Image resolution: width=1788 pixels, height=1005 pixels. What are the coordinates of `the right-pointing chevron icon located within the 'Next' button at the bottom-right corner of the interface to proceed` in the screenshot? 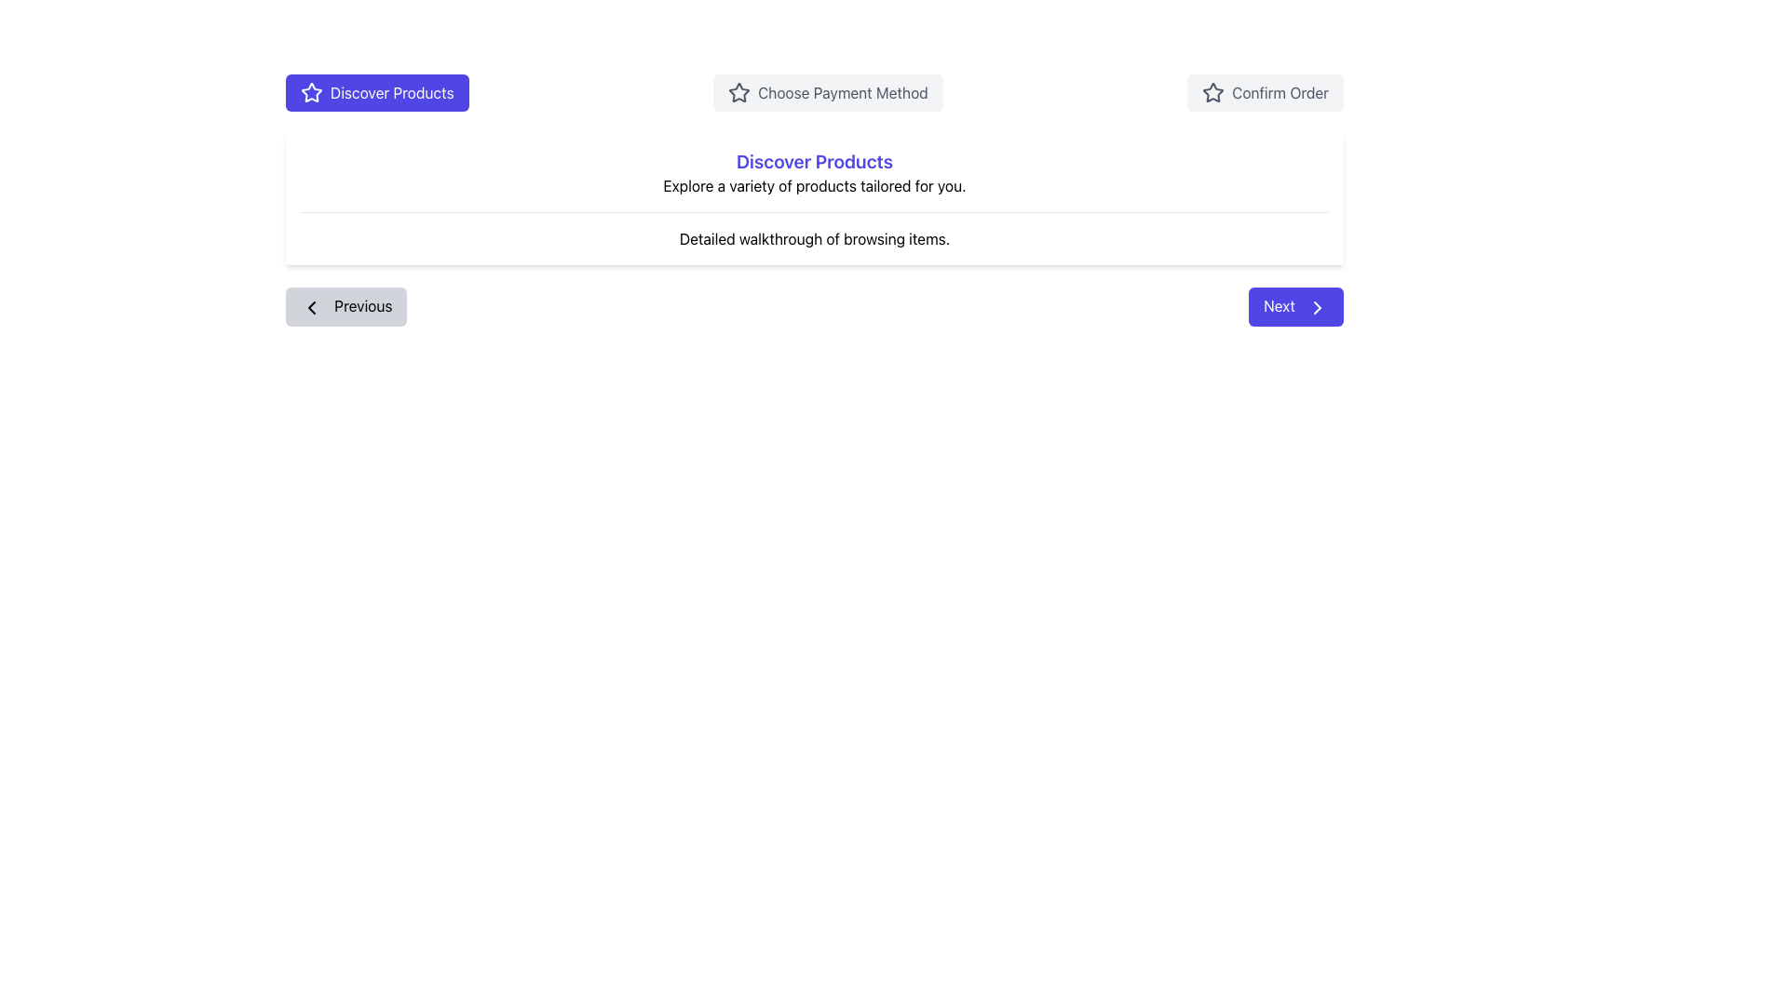 It's located at (1317, 306).